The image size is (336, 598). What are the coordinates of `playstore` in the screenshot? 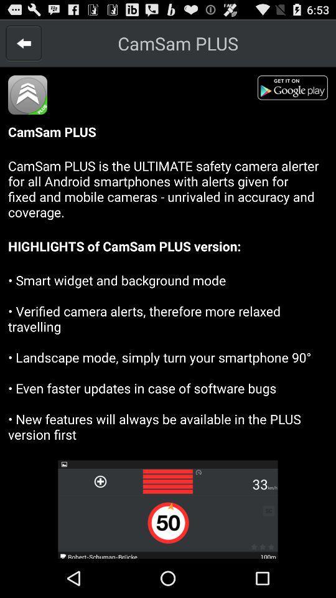 It's located at (296, 89).